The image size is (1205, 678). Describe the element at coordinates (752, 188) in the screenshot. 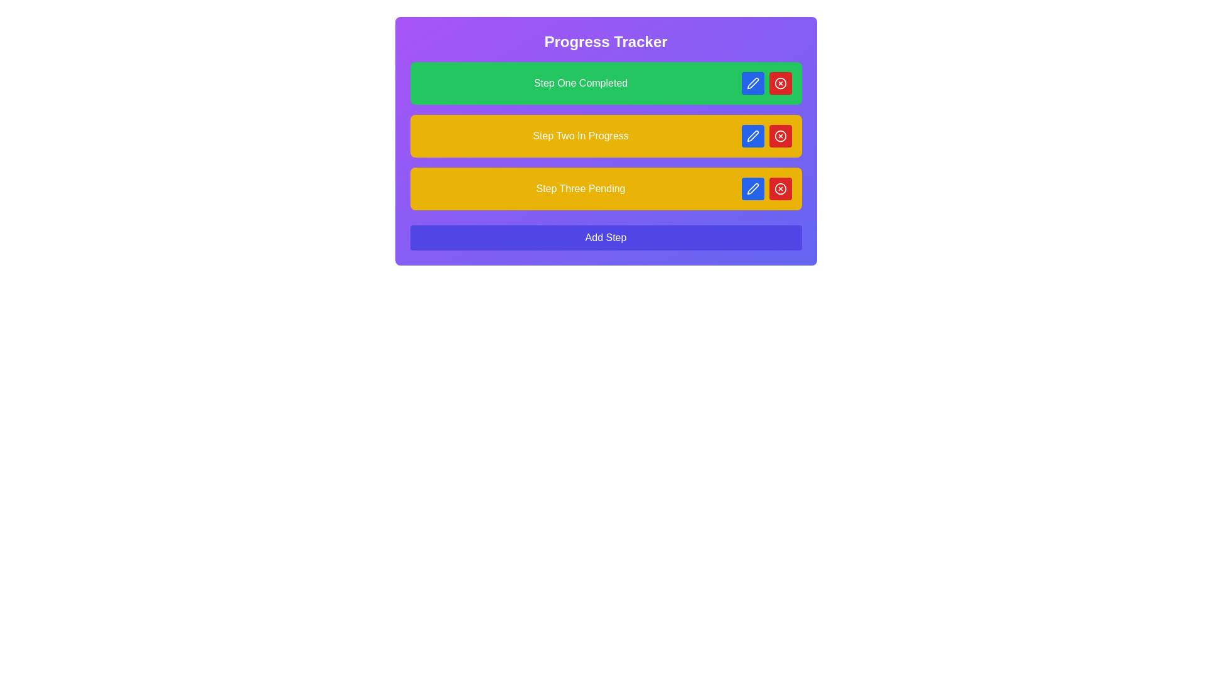

I see `the blue pen-shaped icon within the blue circular button located to the left of the red circular button in the 'Step Three Pending' row` at that location.